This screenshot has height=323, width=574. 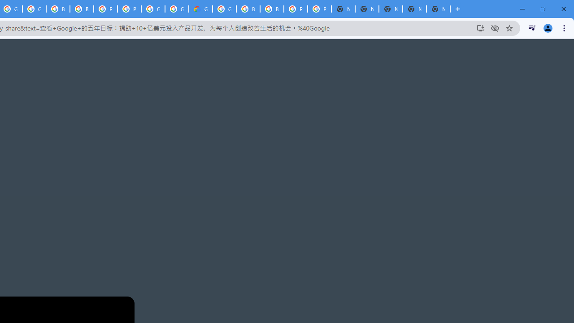 What do you see at coordinates (153, 9) in the screenshot?
I see `'Google Cloud Platform'` at bounding box center [153, 9].